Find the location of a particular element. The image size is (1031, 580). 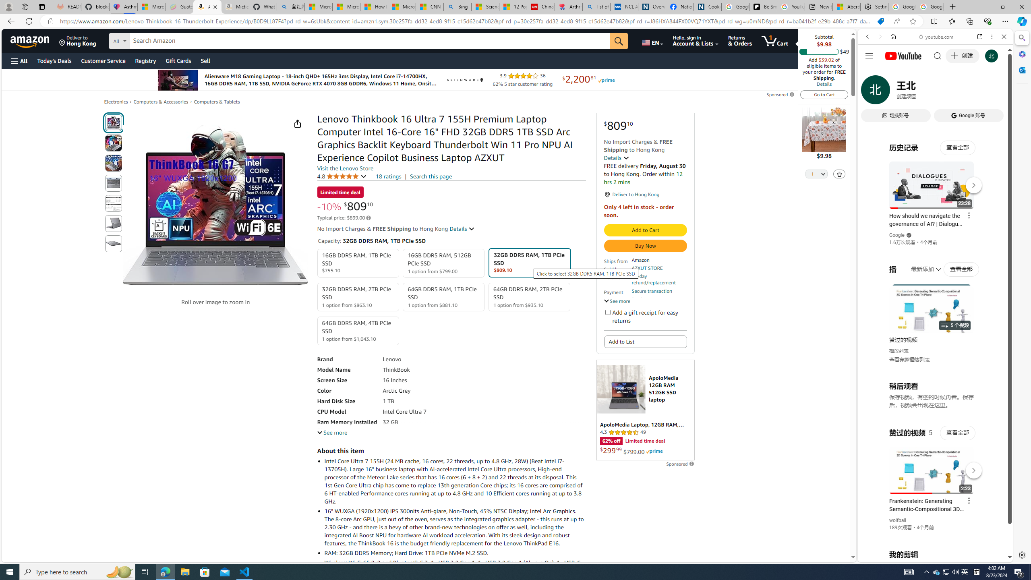

'Search Filter, Search Tools' is located at coordinates (956, 91).